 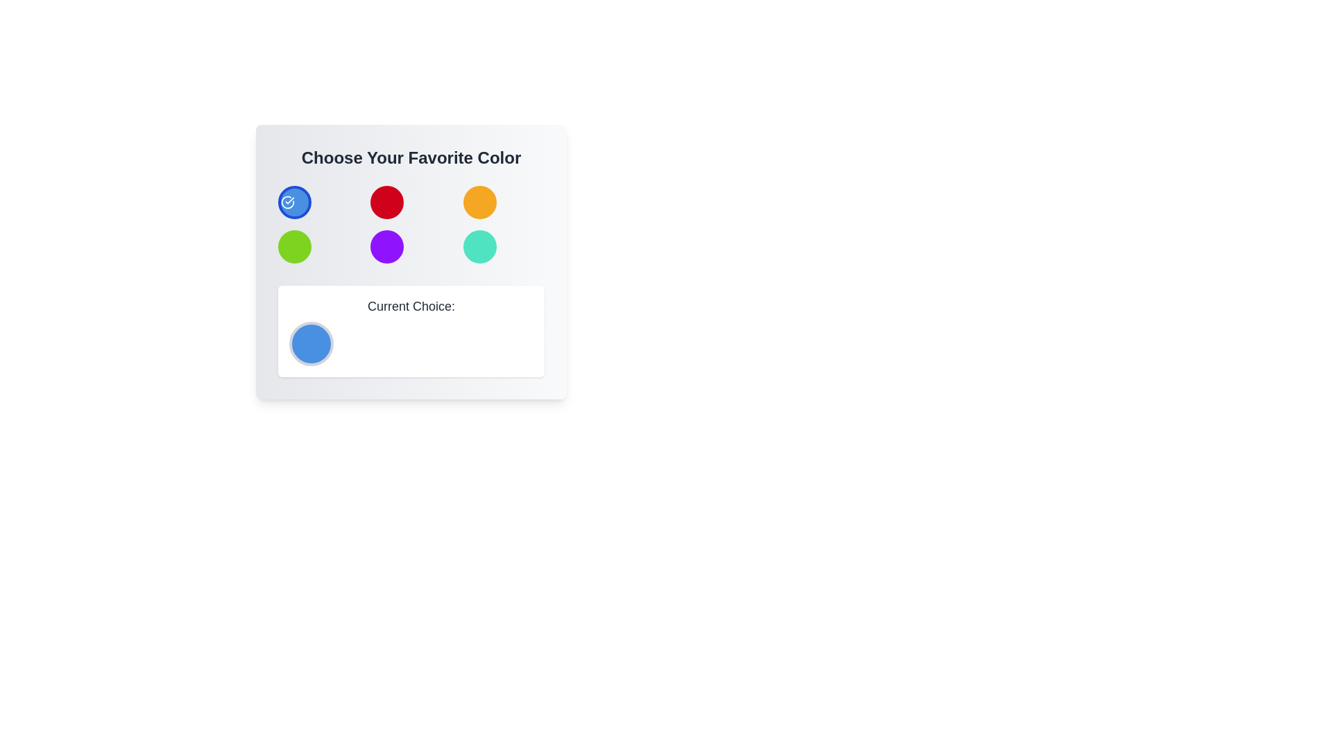 I want to click on the bright orange color selection button located in the upper row of the 3x3 grid, which is part of the 'Choose Your Favorite Color' section, to enlarge it, so click(x=479, y=203).